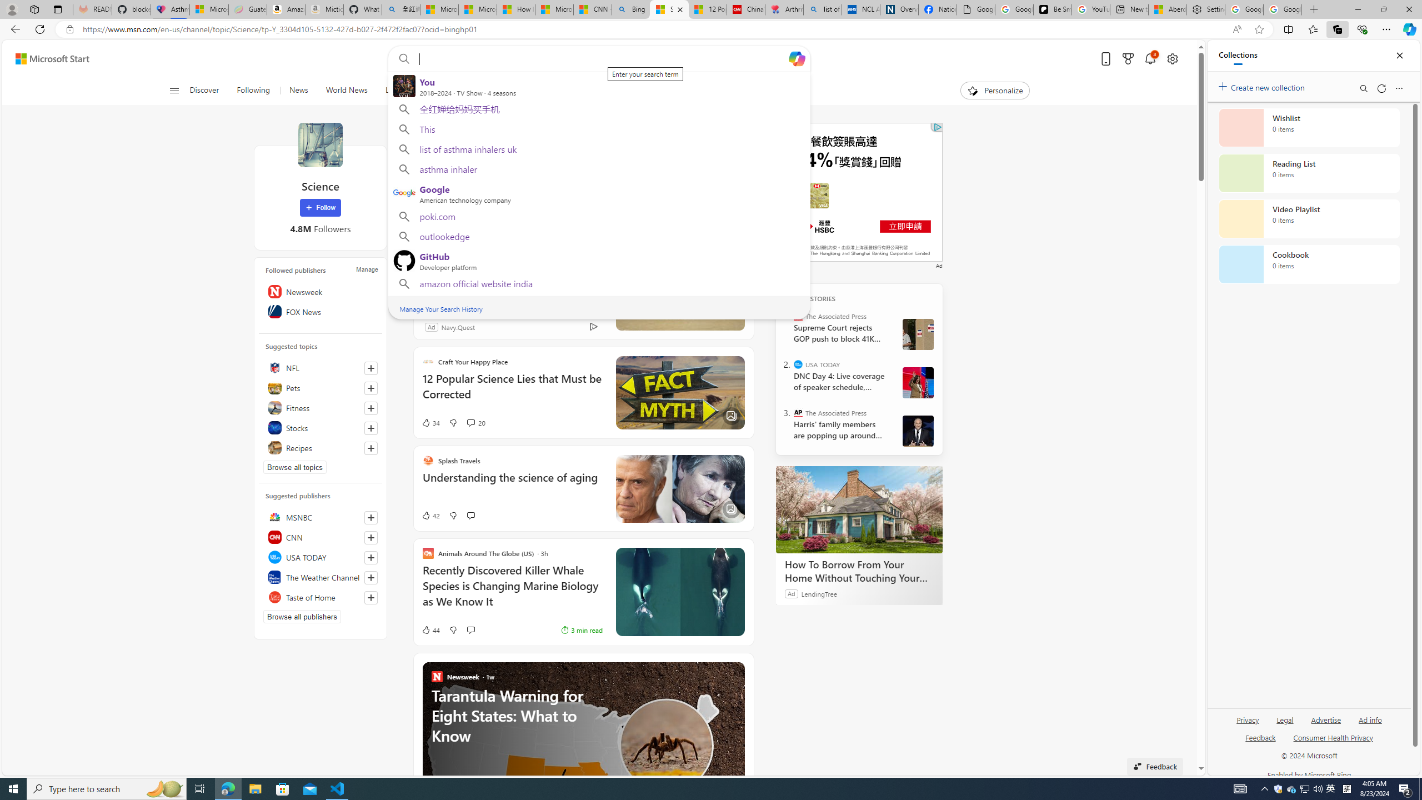  Describe the element at coordinates (170, 9) in the screenshot. I see `'Asthma Inhalers: Names and Types'` at that location.